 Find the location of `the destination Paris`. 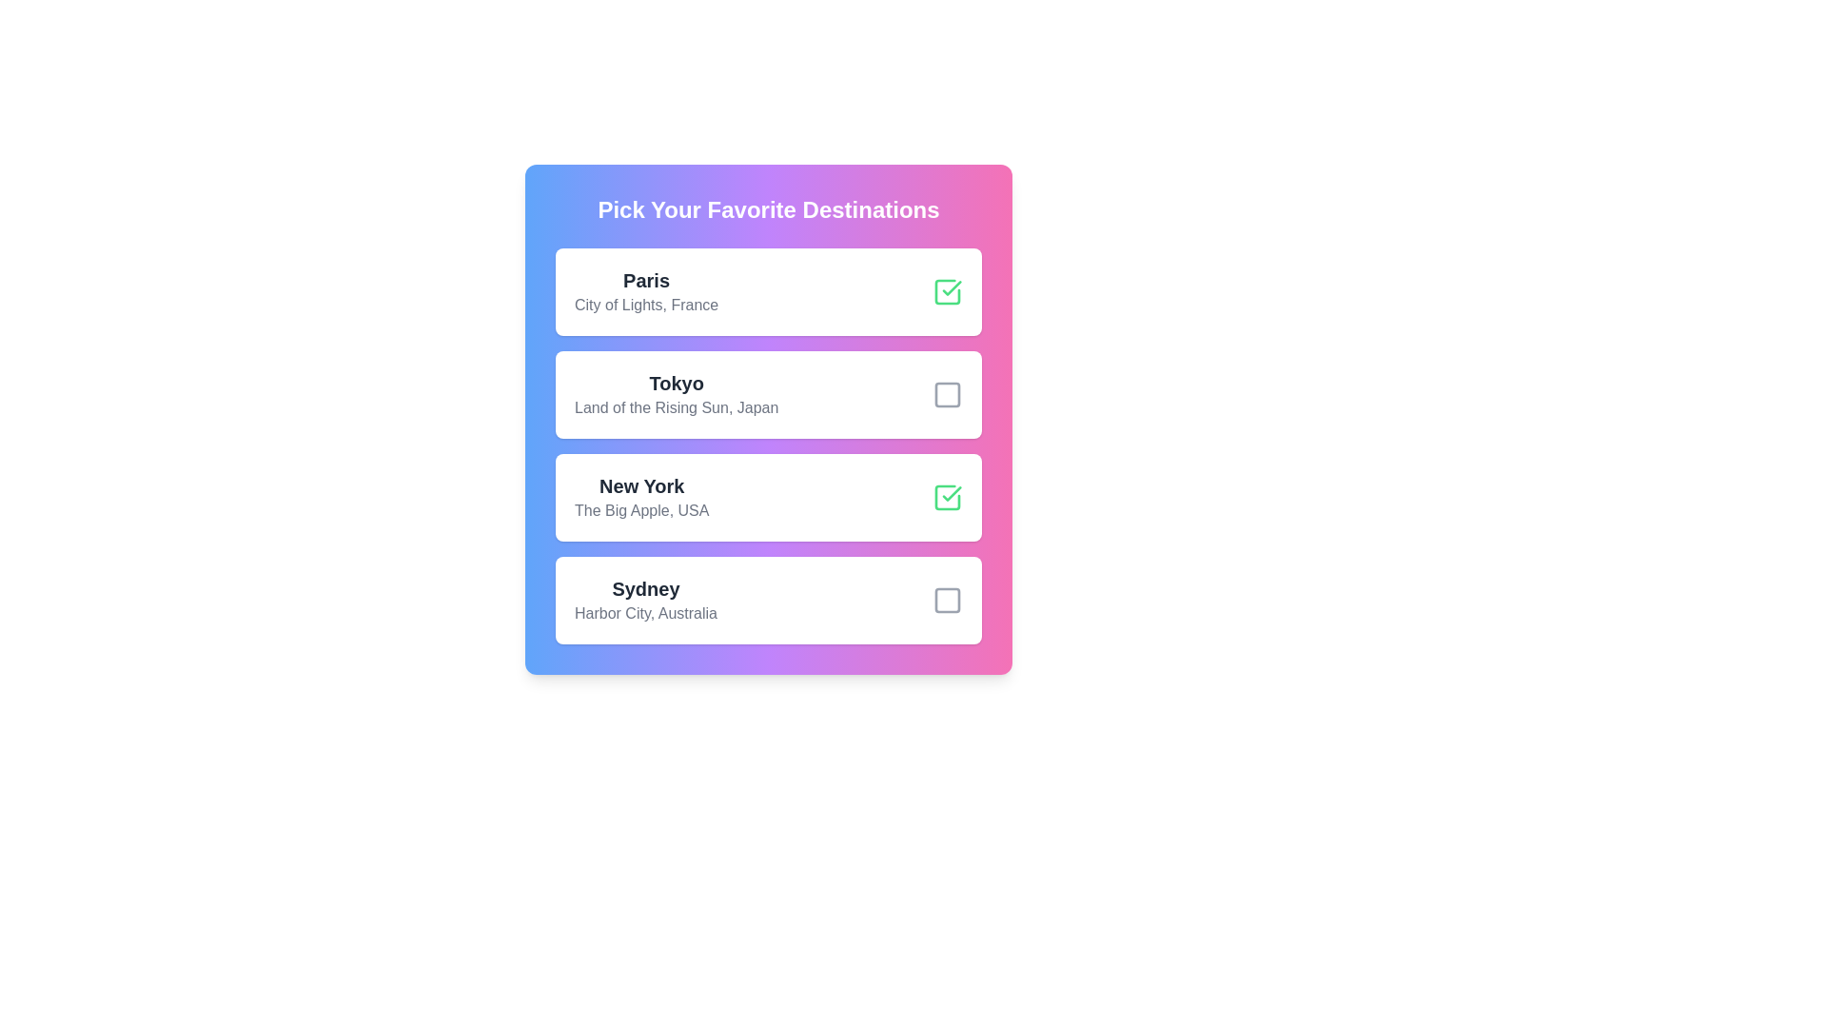

the destination Paris is located at coordinates (948, 292).